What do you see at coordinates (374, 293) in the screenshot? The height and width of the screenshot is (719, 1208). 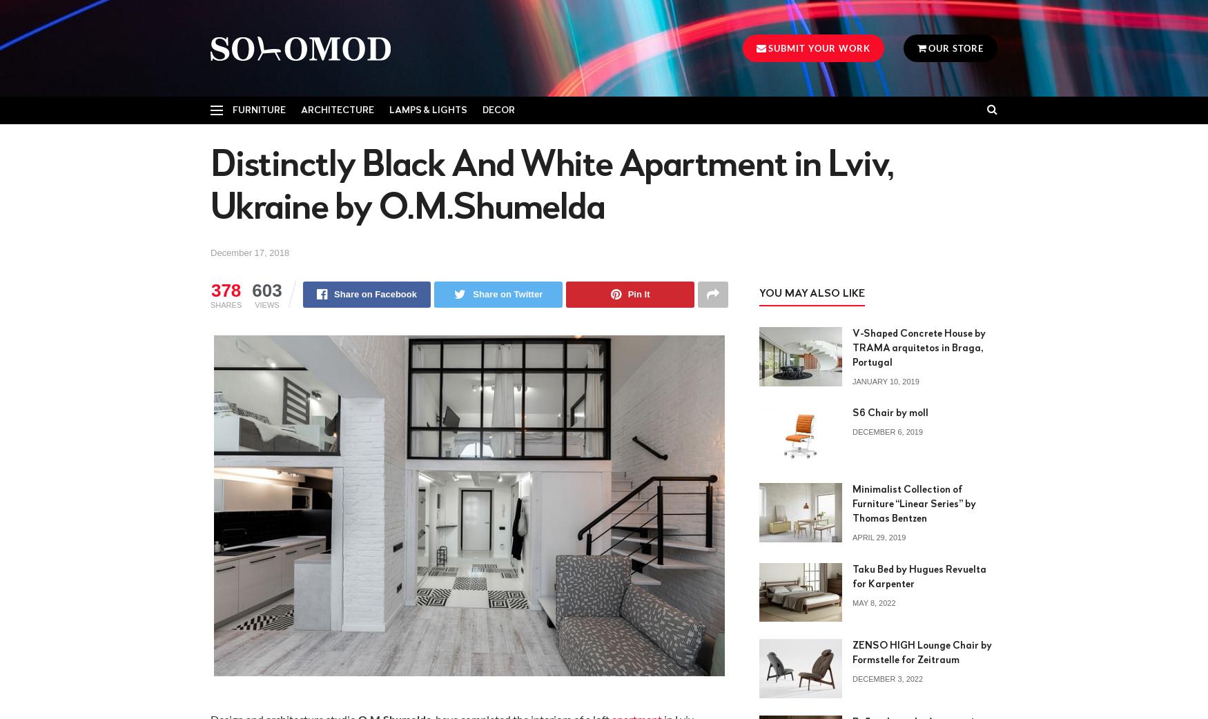 I see `'Share on Facebook'` at bounding box center [374, 293].